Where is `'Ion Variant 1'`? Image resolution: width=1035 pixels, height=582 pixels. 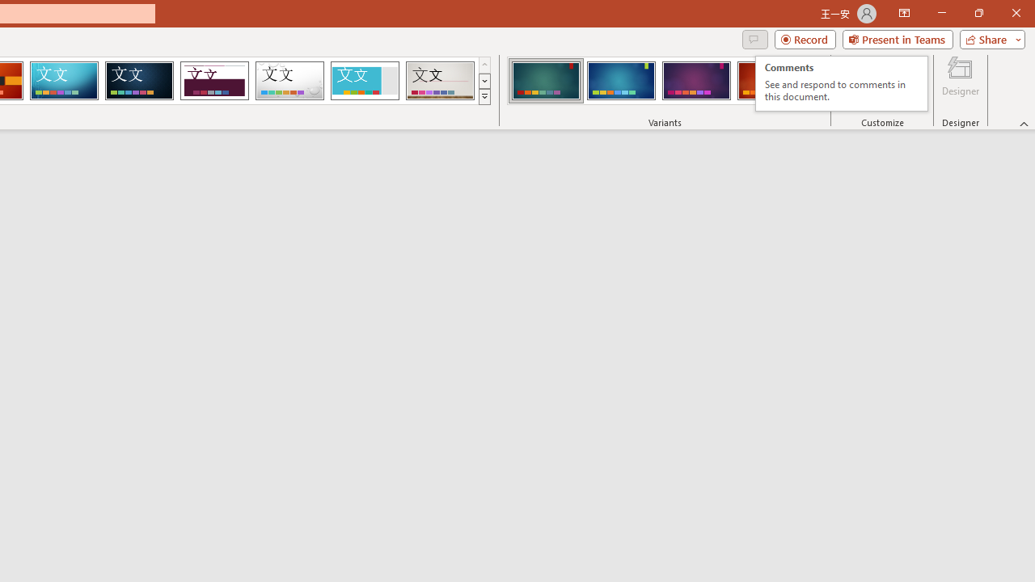 'Ion Variant 1' is located at coordinates (546, 81).